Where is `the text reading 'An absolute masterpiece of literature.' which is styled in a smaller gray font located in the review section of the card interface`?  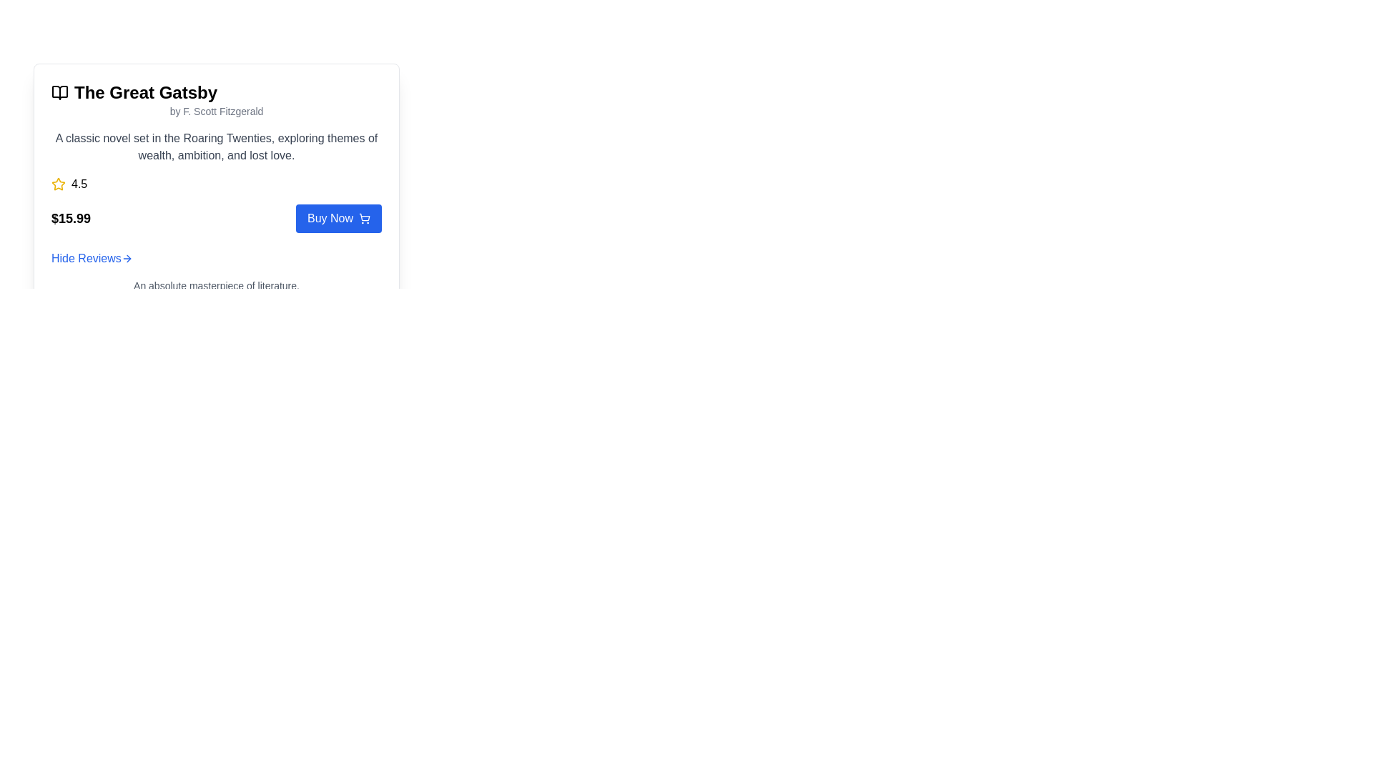
the text reading 'An absolute masterpiece of literature.' which is styled in a smaller gray font located in the review section of the card interface is located at coordinates (215, 286).